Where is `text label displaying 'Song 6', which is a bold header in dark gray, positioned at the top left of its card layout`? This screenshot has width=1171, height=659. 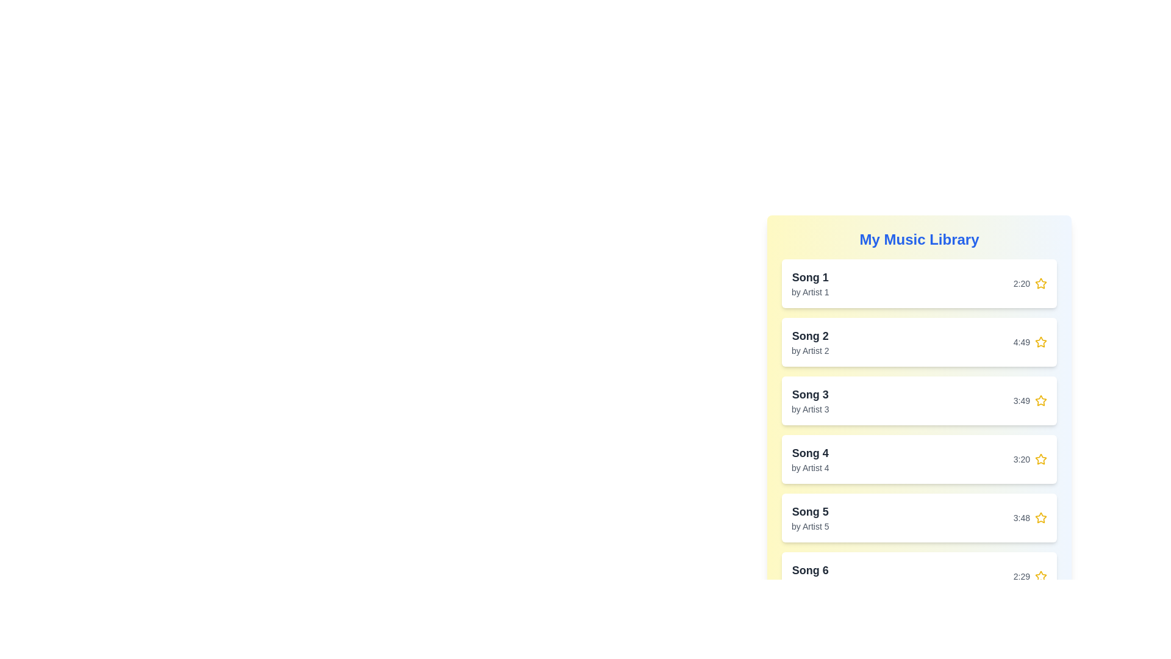
text label displaying 'Song 6', which is a bold header in dark gray, positioned at the top left of its card layout is located at coordinates (810, 570).